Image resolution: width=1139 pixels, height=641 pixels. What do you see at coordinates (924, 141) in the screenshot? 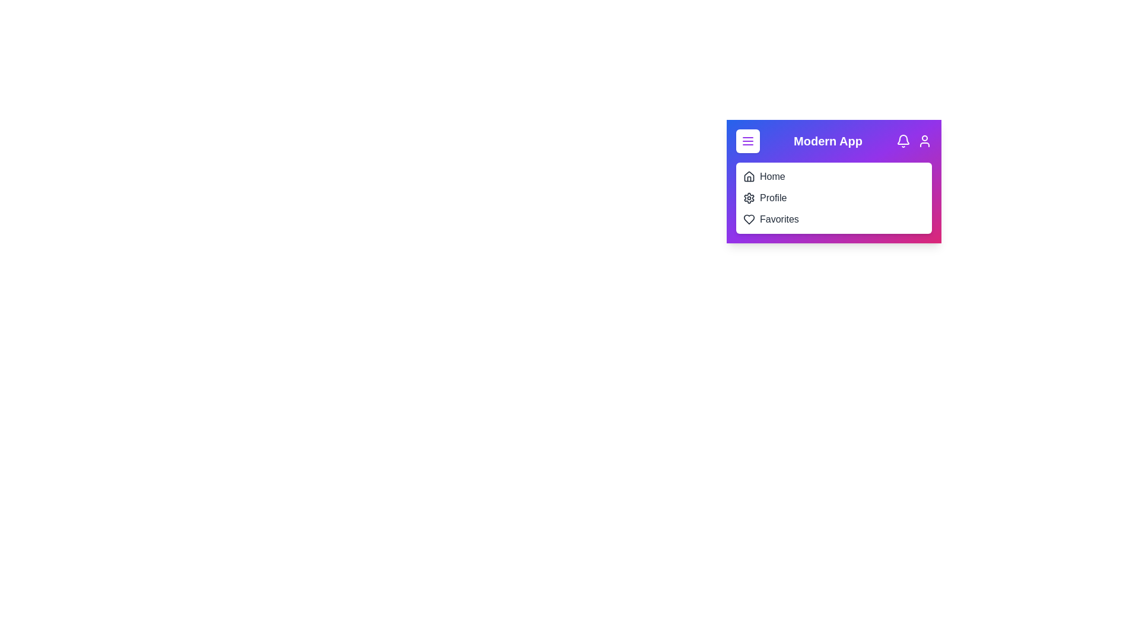
I see `the user profile button in the app bar` at bounding box center [924, 141].